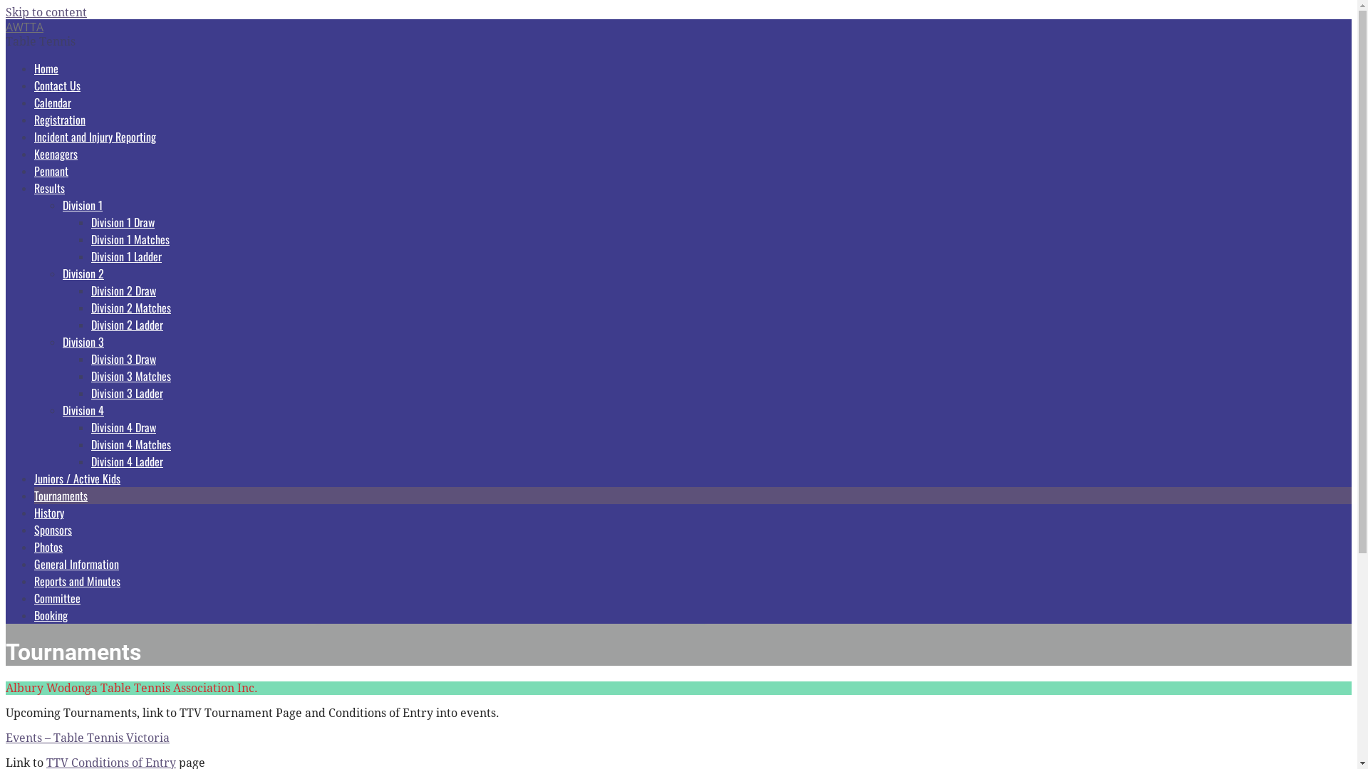 The width and height of the screenshot is (1368, 769). I want to click on 'Division 1 Matches', so click(130, 238).